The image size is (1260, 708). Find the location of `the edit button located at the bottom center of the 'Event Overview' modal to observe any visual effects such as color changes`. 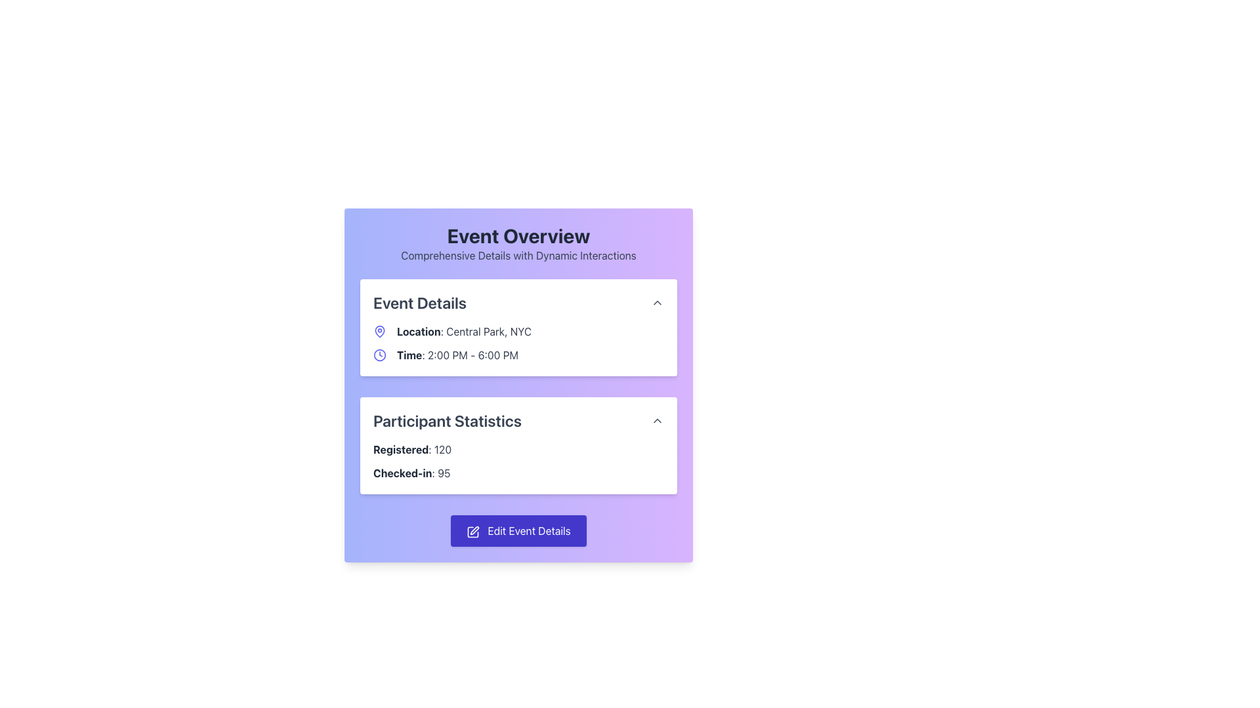

the edit button located at the bottom center of the 'Event Overview' modal to observe any visual effects such as color changes is located at coordinates (518, 531).